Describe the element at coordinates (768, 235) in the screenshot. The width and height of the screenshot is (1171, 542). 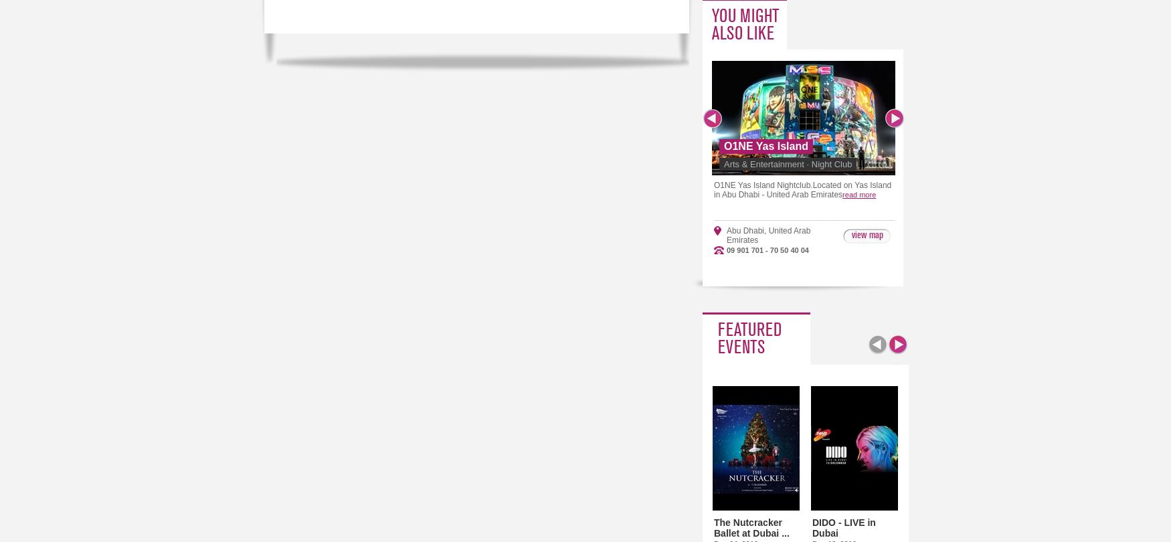
I see `'Abu Dhabi, United Arab Emirates'` at that location.